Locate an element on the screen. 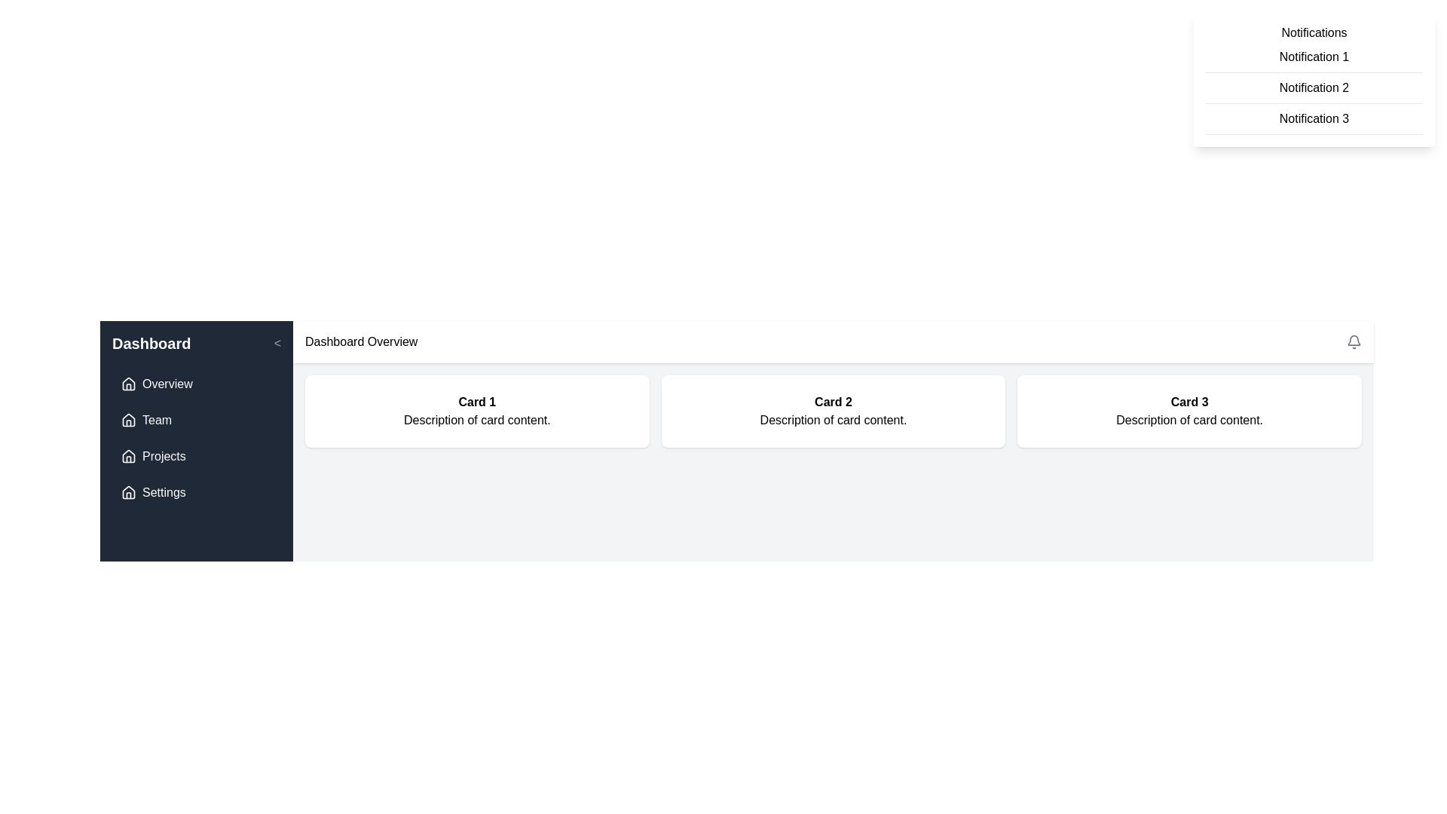  the 'Team' text label in the sidebar menu is located at coordinates (157, 421).